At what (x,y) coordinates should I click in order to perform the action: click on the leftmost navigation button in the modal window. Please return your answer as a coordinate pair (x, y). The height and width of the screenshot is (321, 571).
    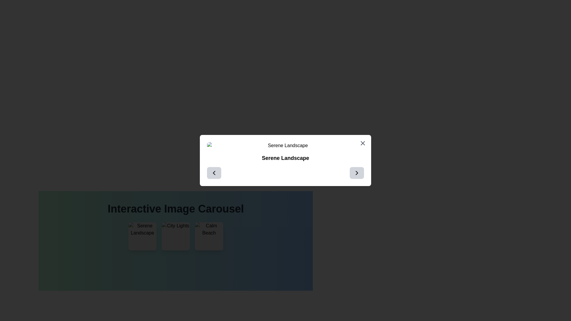
    Looking at the image, I should click on (214, 173).